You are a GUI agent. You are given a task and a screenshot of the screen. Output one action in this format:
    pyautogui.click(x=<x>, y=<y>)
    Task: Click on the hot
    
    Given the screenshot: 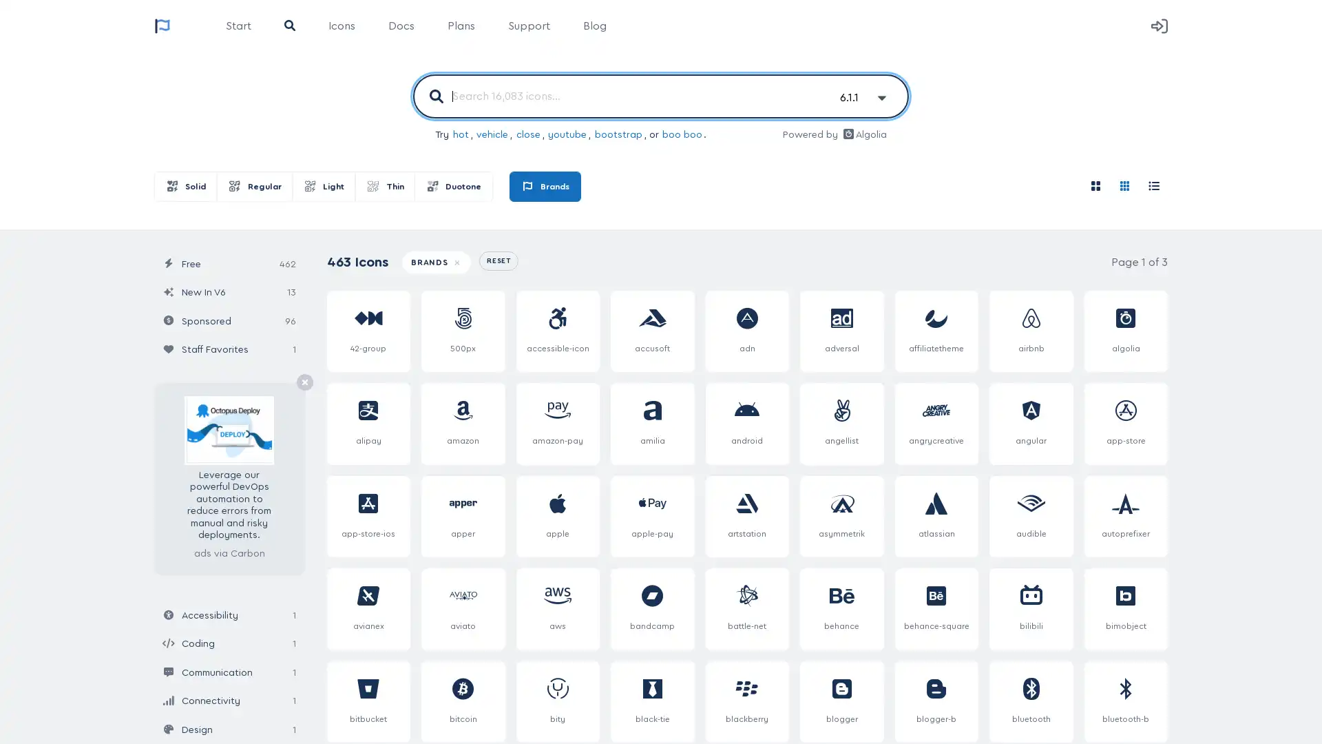 What is the action you would take?
    pyautogui.click(x=460, y=135)
    